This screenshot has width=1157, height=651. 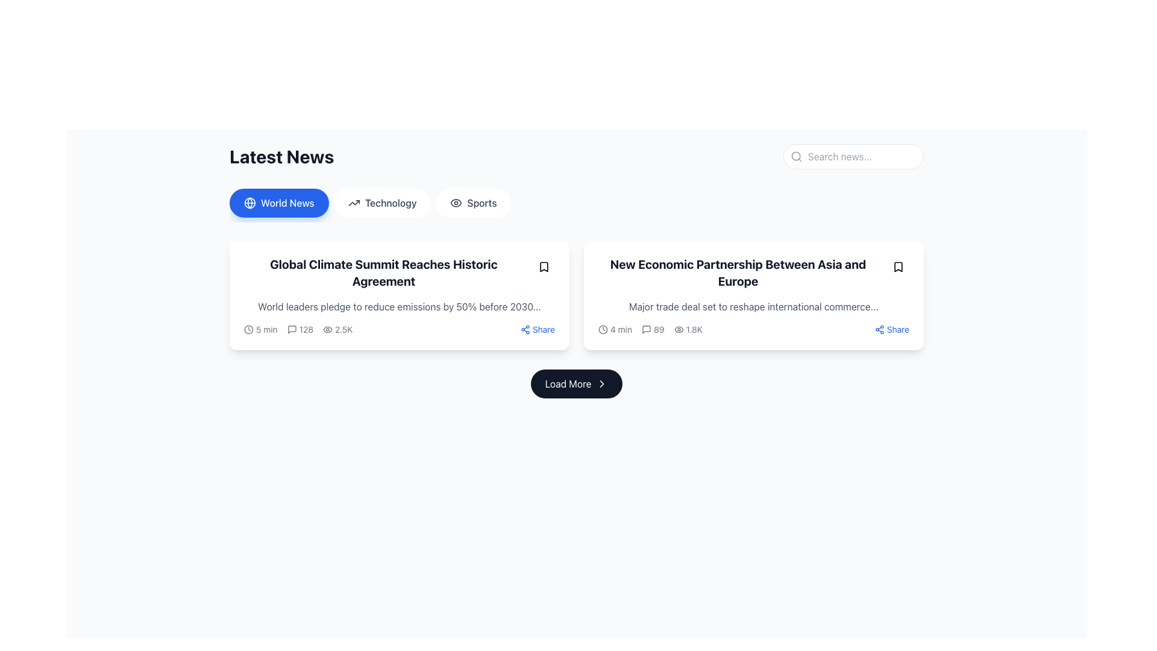 I want to click on the Duration indicator at the lower-left corner of the article card titled 'New Economic Partnership Between Asia and Europe', so click(x=615, y=330).